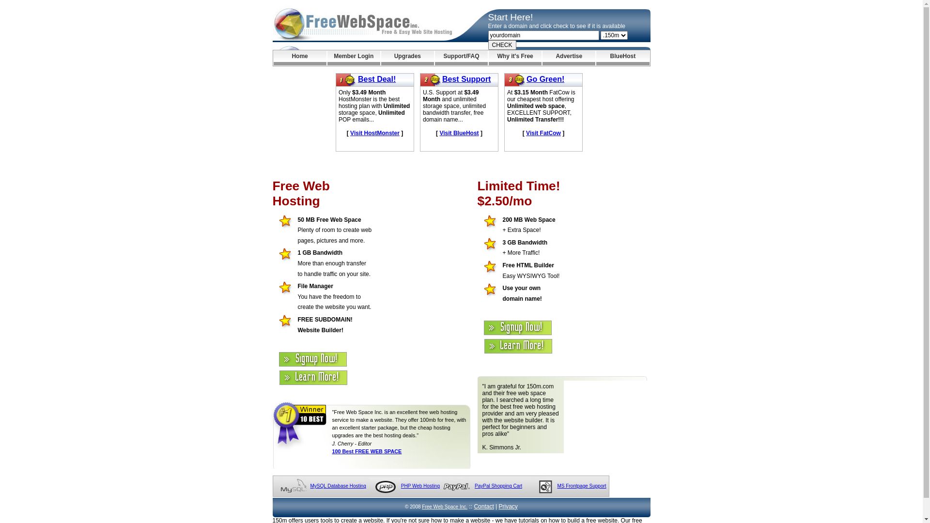 This screenshot has width=930, height=523. I want to click on 'BlueHost', so click(622, 58).